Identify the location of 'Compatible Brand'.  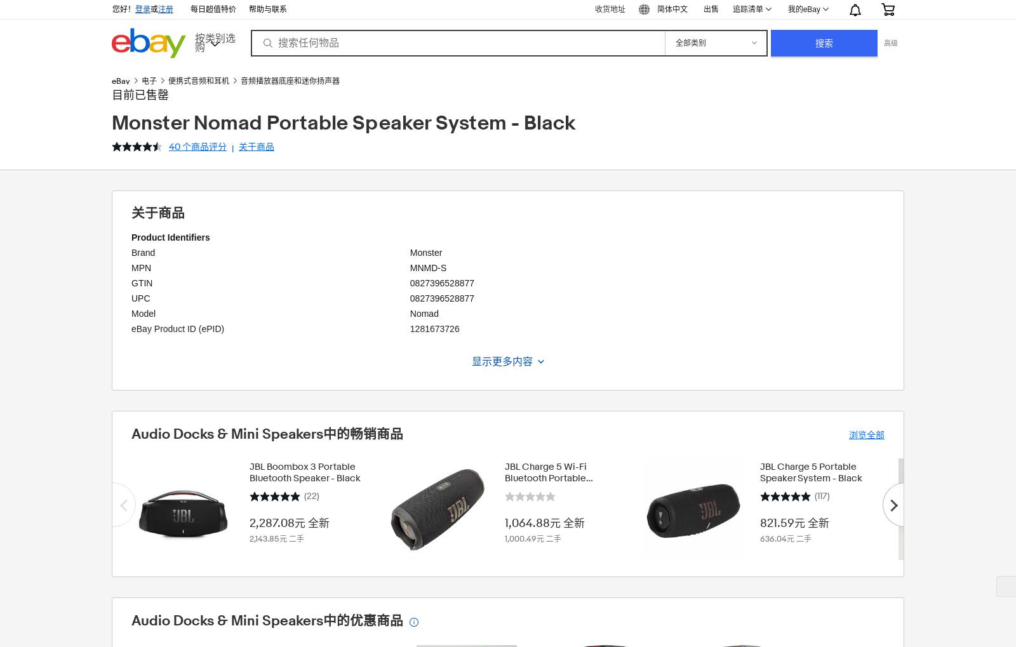
(131, 402).